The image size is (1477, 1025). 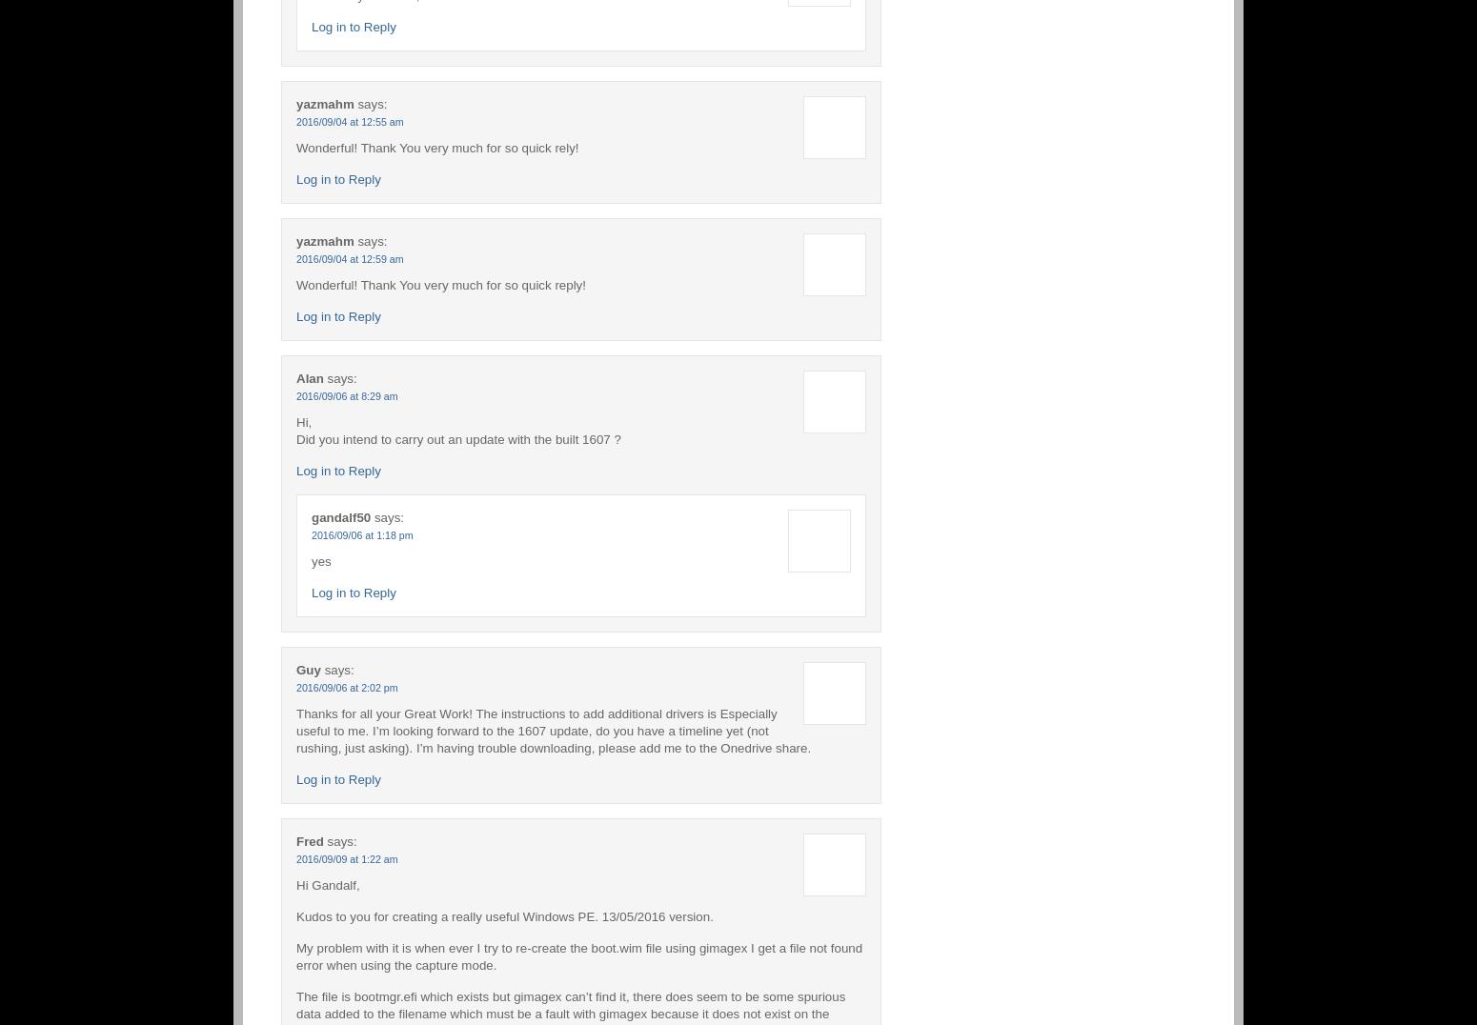 What do you see at coordinates (361, 533) in the screenshot?
I see `'2016/09/06 at 1:18 pm'` at bounding box center [361, 533].